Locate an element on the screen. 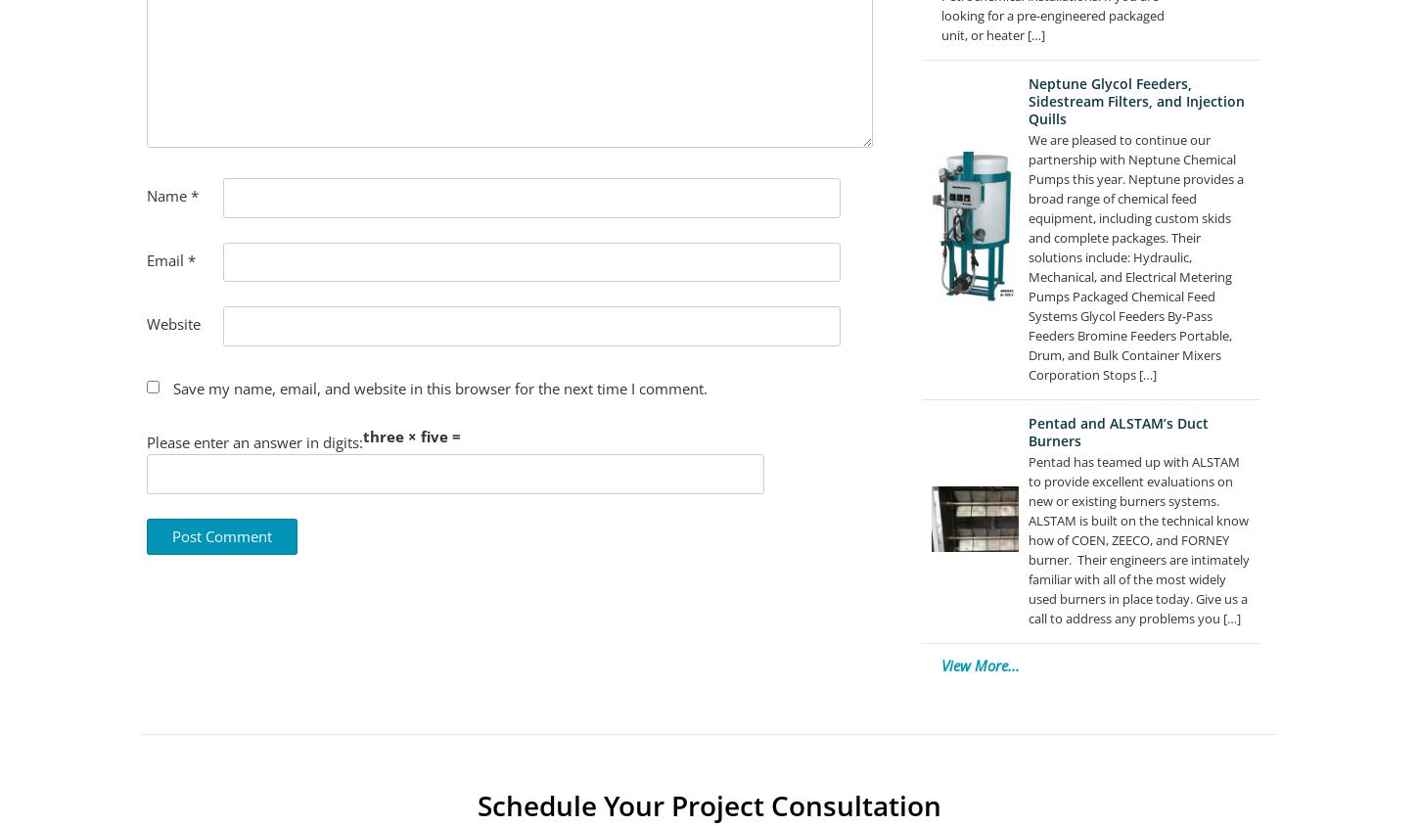 The width and height of the screenshot is (1419, 826). 'Schedule Your Project Consultation' is located at coordinates (709, 803).